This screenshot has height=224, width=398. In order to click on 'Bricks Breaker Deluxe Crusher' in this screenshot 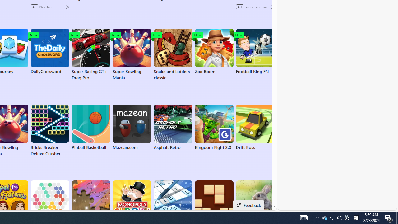, I will do `click(50, 130)`.